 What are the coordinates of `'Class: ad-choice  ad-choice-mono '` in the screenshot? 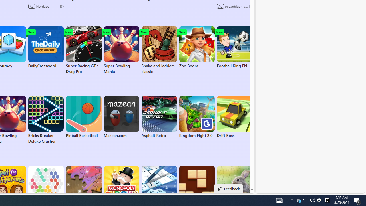 It's located at (250, 6).